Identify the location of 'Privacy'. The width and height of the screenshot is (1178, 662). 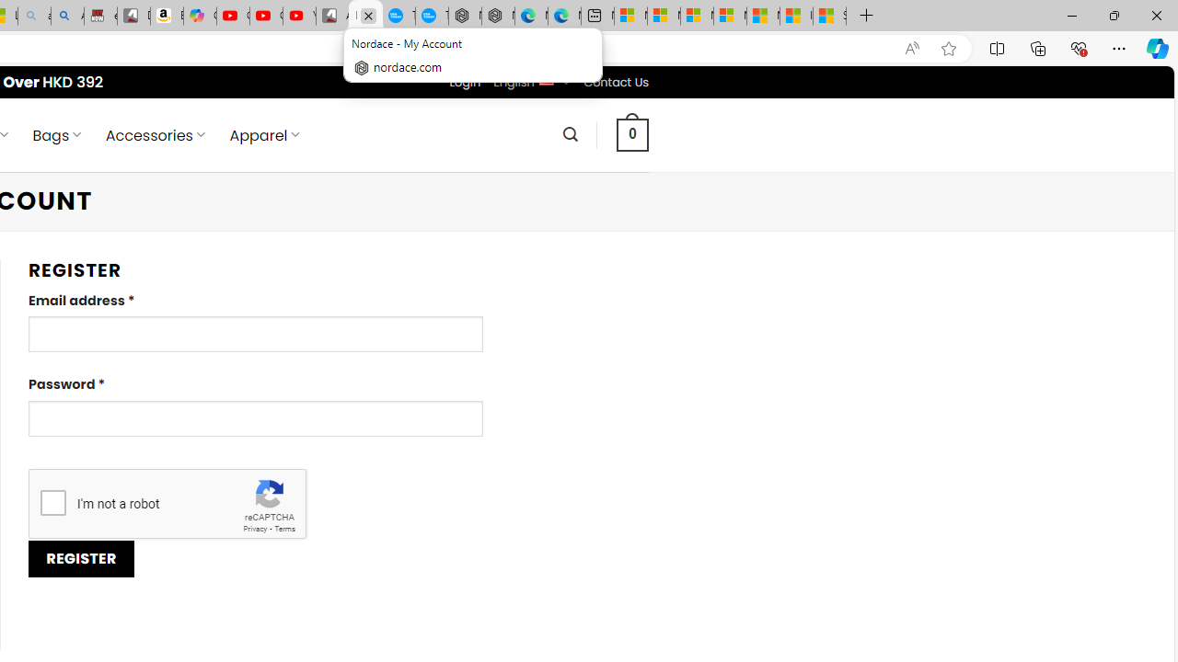
(254, 529).